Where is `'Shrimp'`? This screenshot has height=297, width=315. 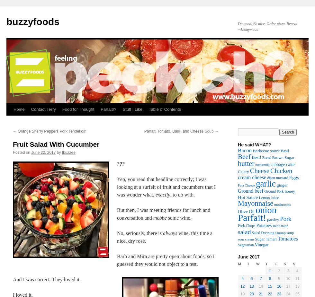 'Shrimp' is located at coordinates (280, 233).